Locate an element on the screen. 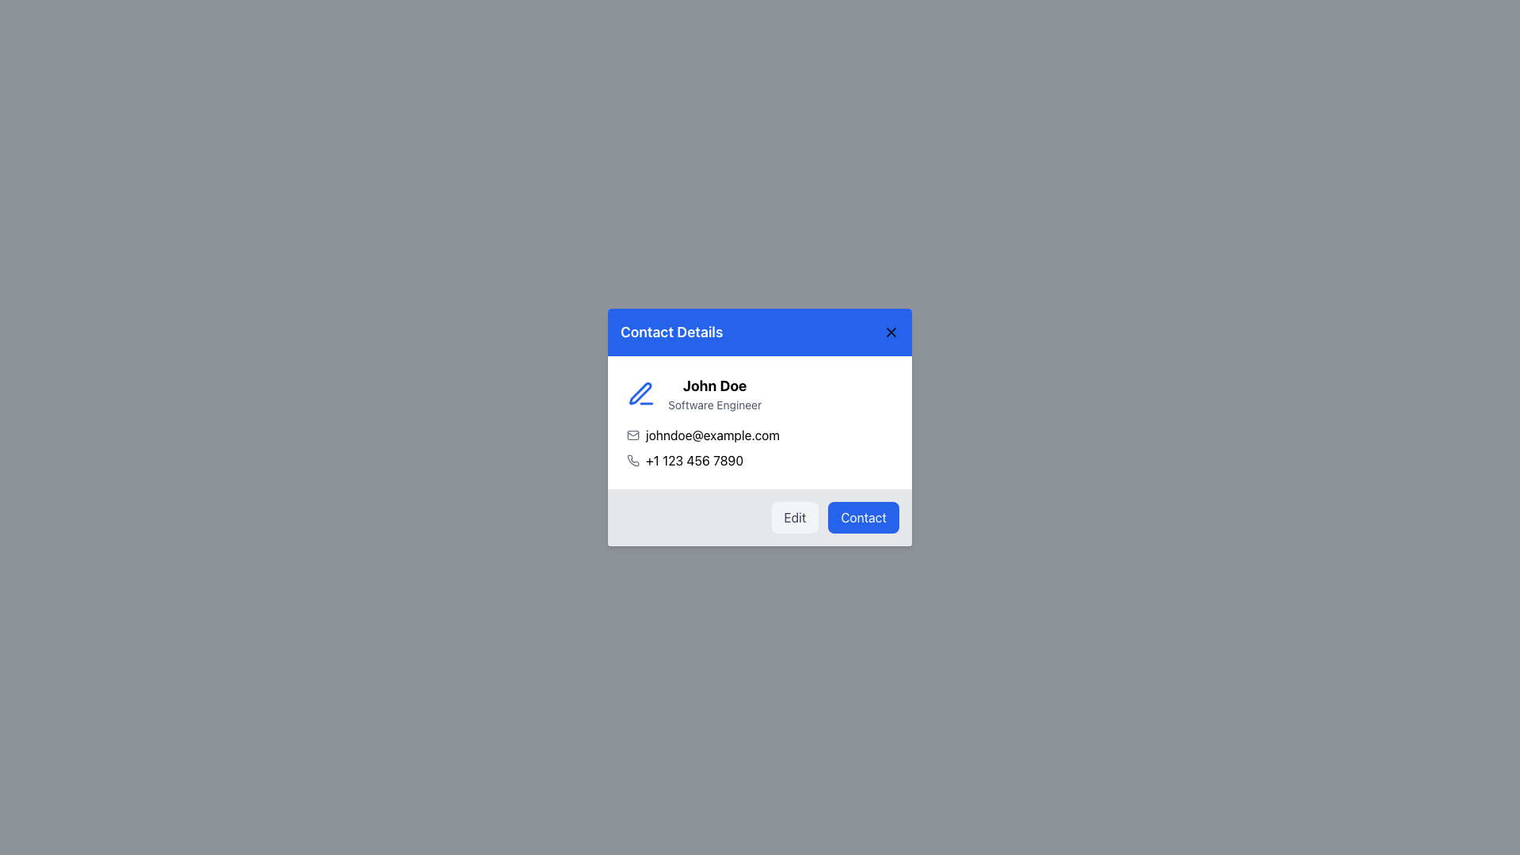  the phone icon, which is a small handset icon outlined in gray, located below the user's email address and above the phone number in the contact details module is located at coordinates (633, 461).